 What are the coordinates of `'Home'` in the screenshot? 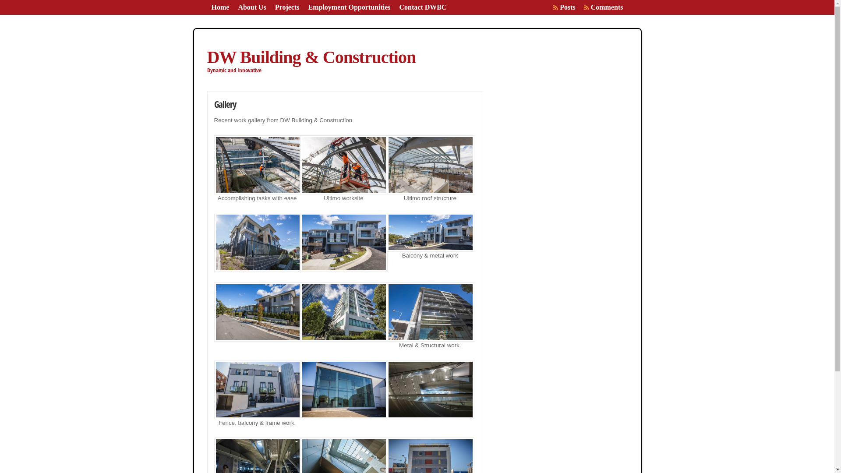 It's located at (220, 7).